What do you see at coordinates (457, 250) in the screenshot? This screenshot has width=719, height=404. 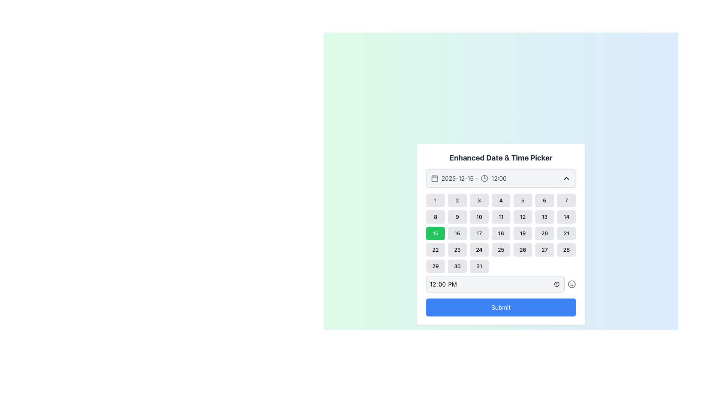 I see `the small rectangular button displaying the number '23' in black text, located in the sixth row and second column of the calendar grid within the date picker component` at bounding box center [457, 250].